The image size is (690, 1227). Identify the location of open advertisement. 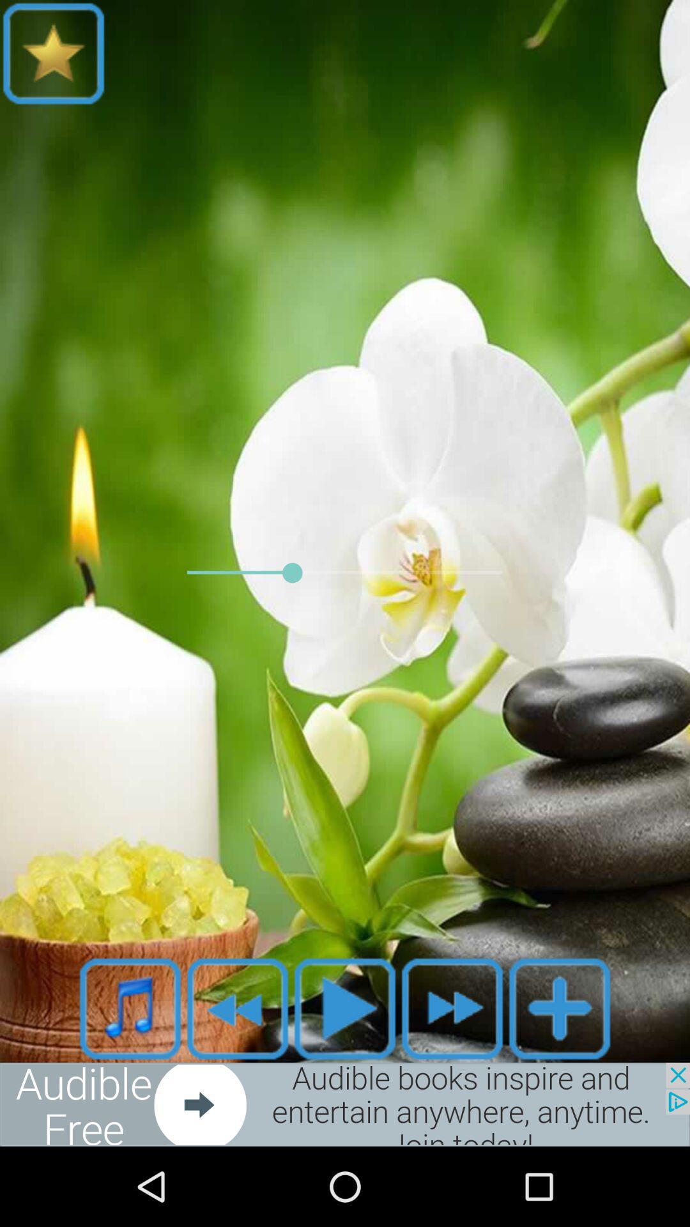
(345, 1104).